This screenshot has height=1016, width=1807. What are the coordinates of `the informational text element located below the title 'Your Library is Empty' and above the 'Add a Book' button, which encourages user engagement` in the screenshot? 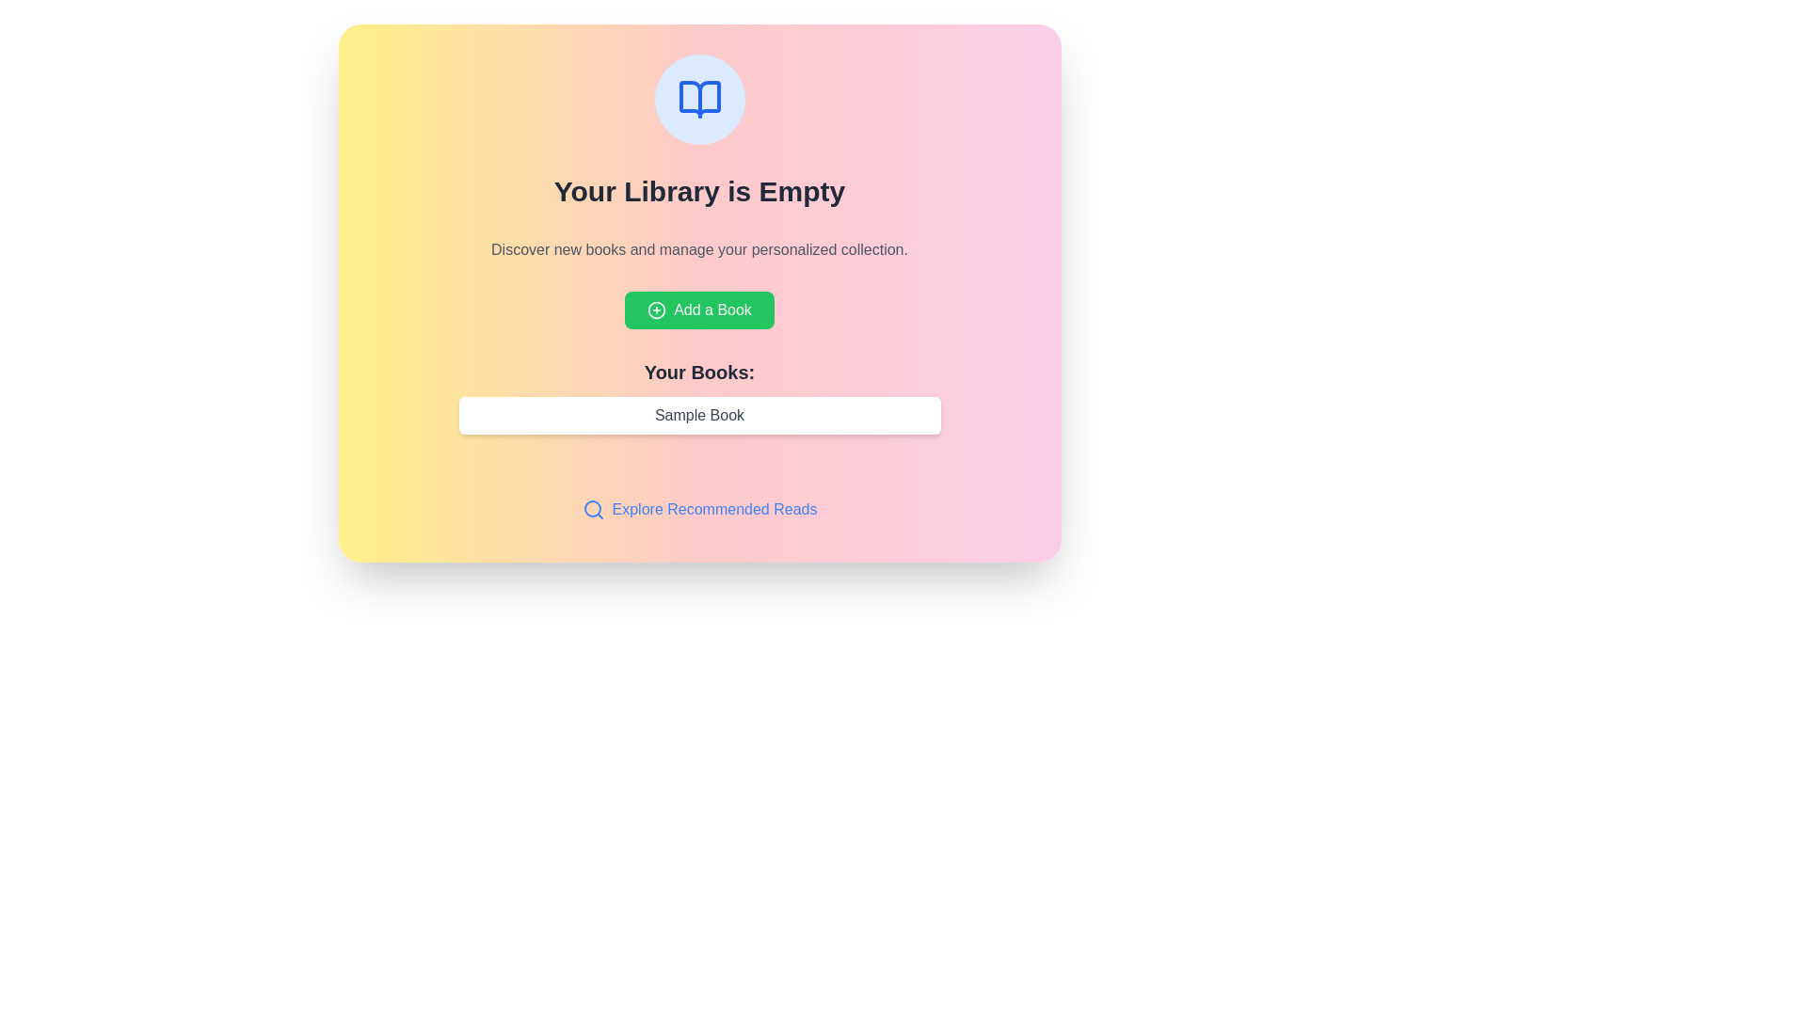 It's located at (698, 249).